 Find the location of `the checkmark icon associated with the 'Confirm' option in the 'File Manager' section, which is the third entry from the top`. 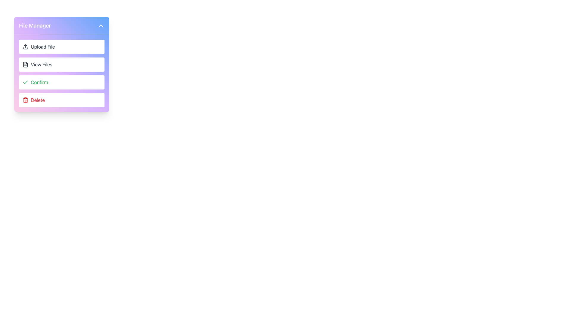

the checkmark icon associated with the 'Confirm' option in the 'File Manager' section, which is the third entry from the top is located at coordinates (25, 82).